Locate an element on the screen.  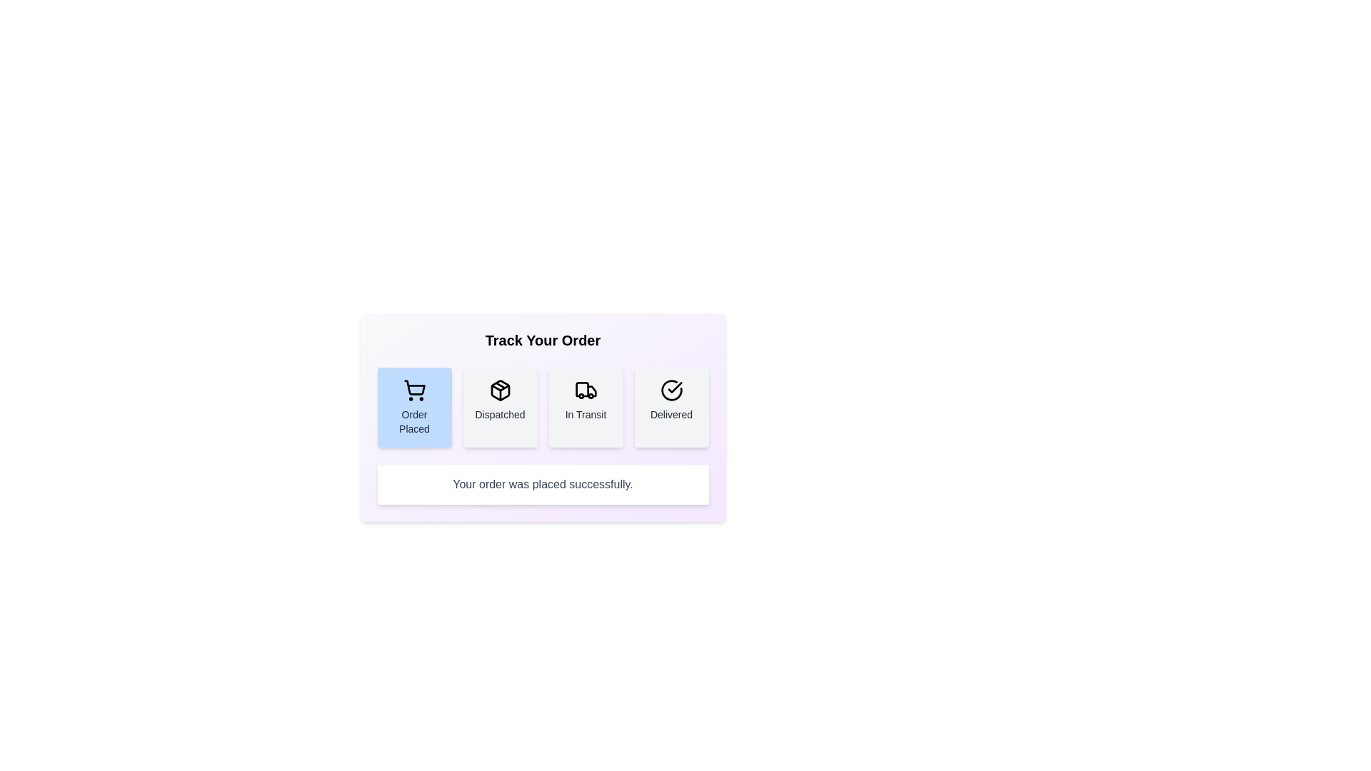
the 'Delivered' button to view its details is located at coordinates (671, 407).